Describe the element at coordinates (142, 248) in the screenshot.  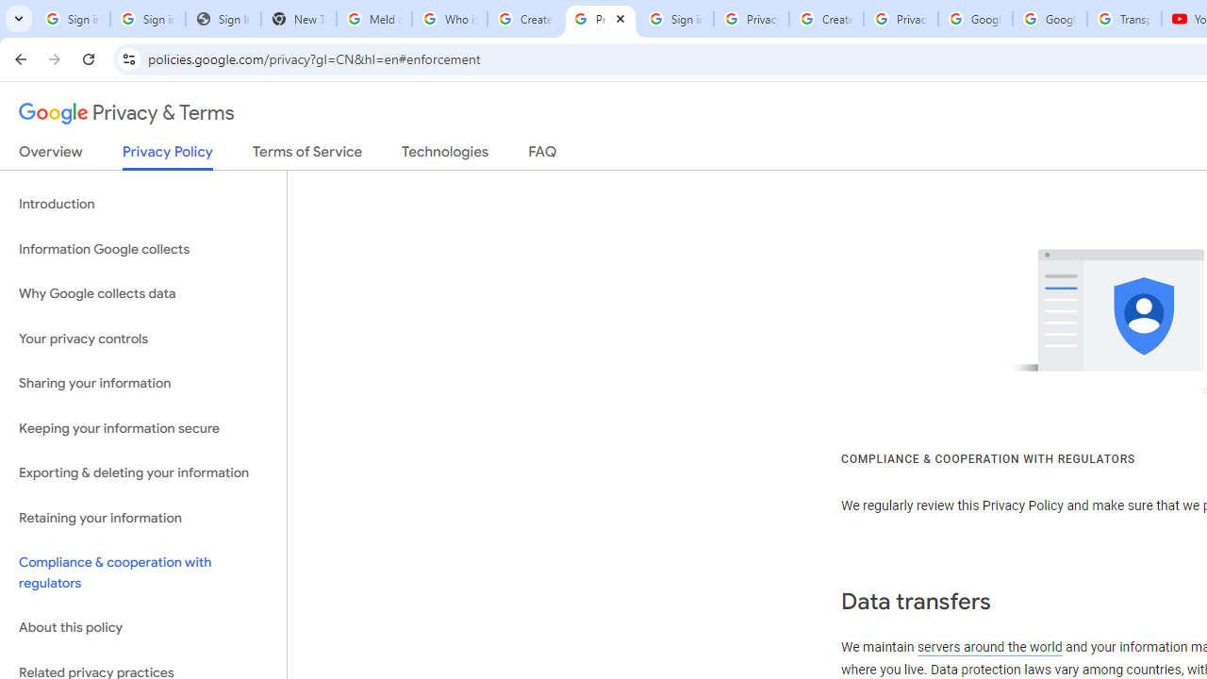
I see `'Information Google collects'` at that location.